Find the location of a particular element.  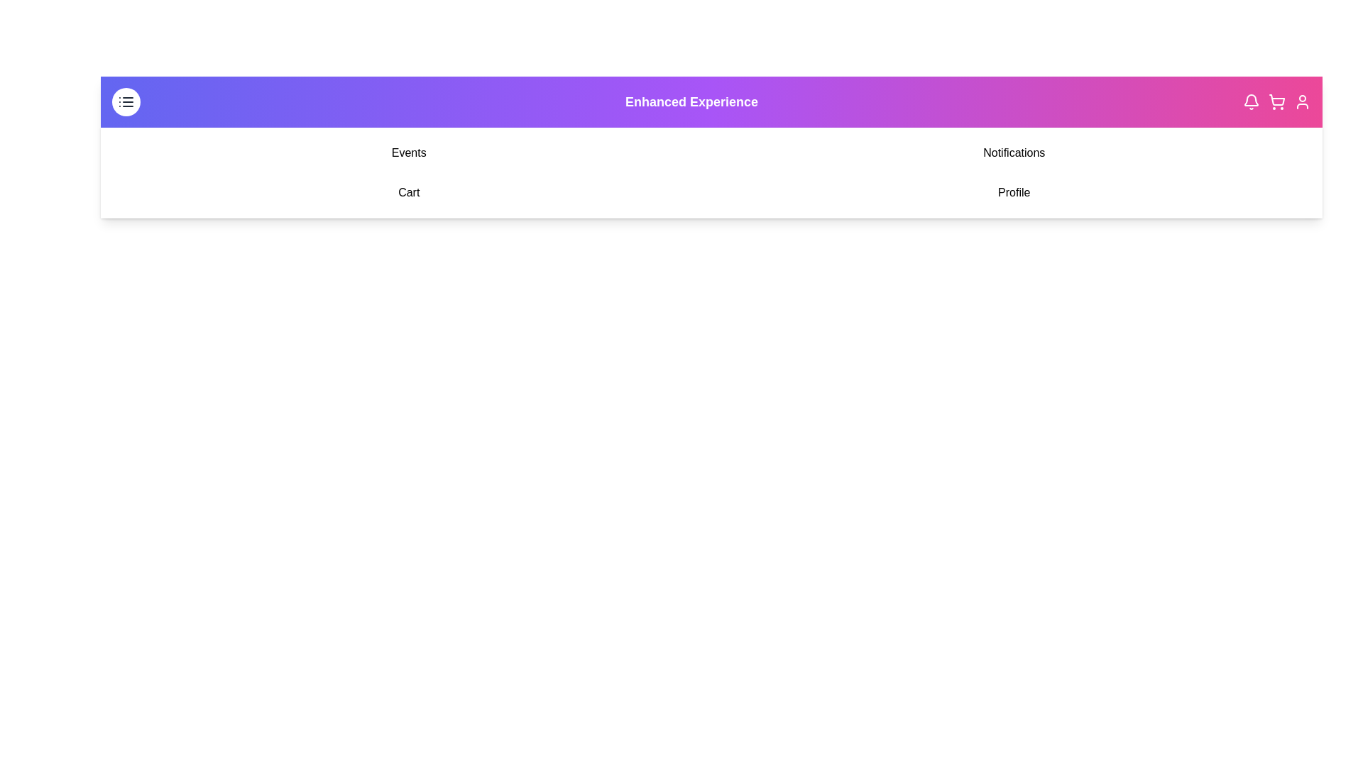

the menu toggle button to toggle the visibility of the navigation menu is located at coordinates (126, 101).